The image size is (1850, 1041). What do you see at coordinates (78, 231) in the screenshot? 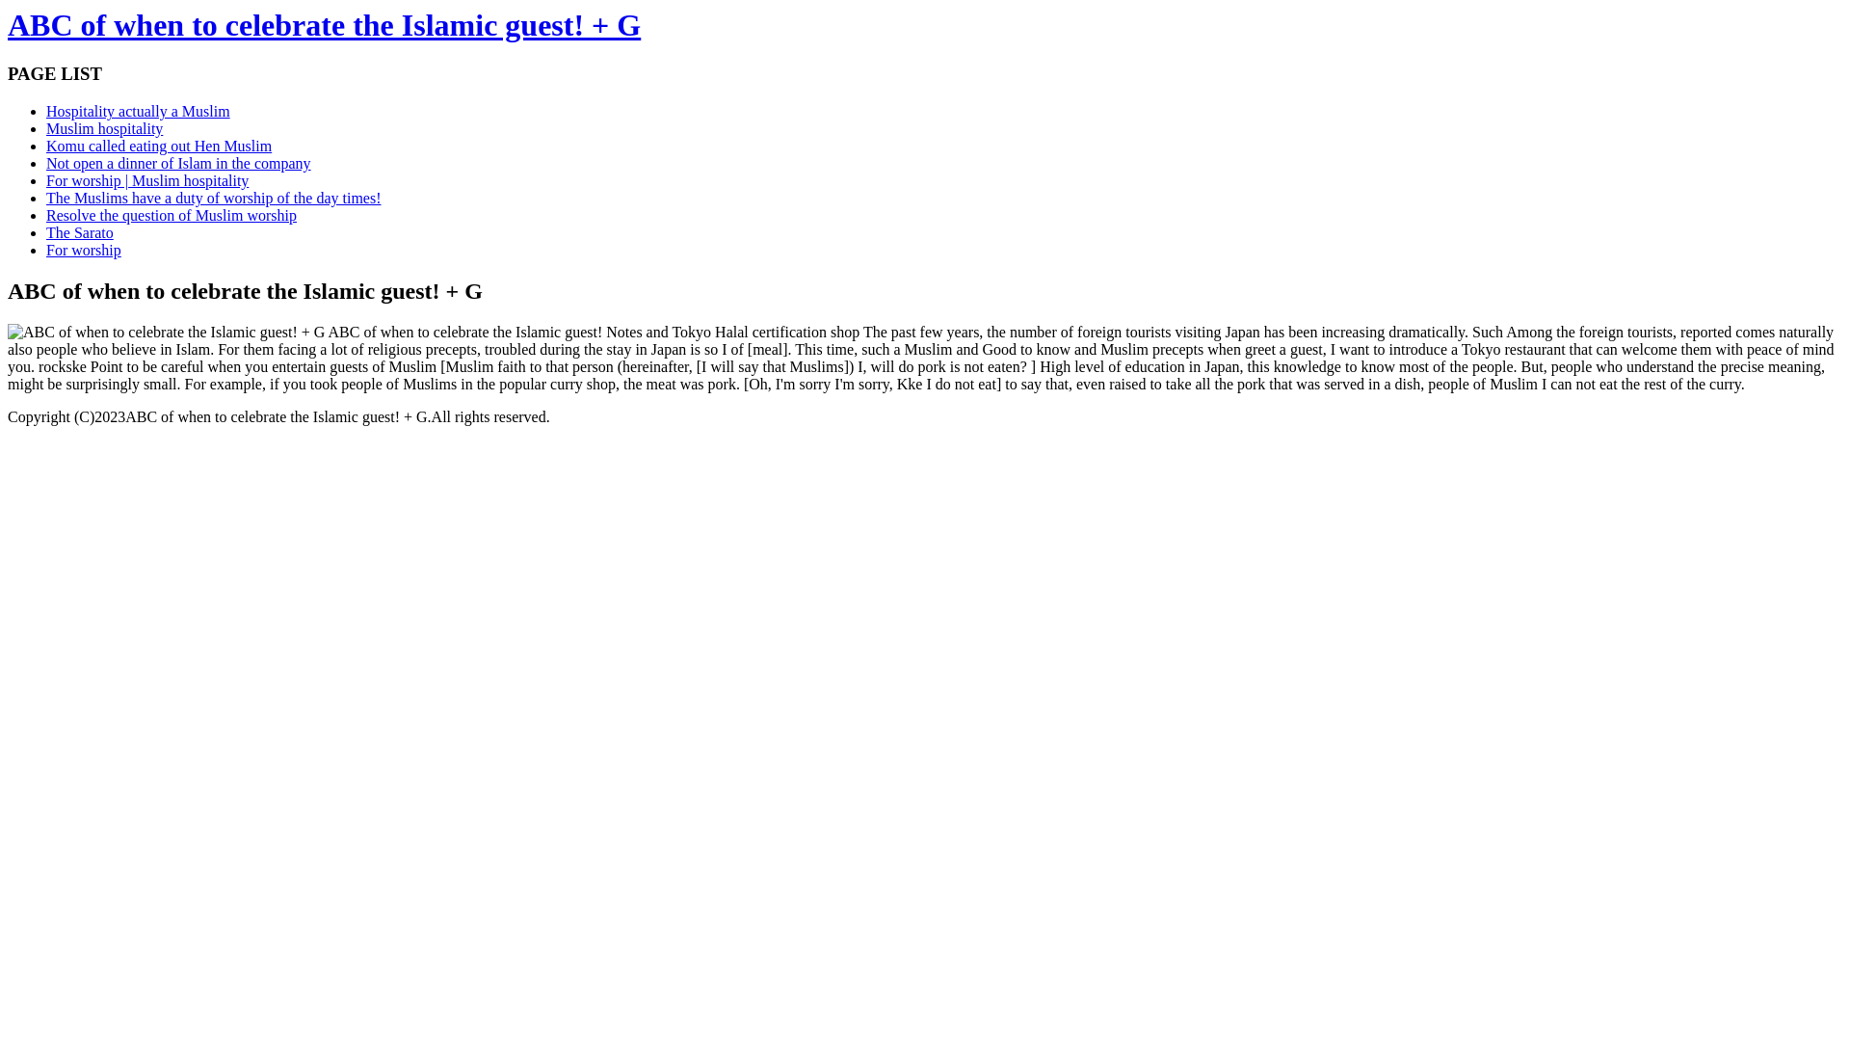
I see `'The Sarato'` at bounding box center [78, 231].